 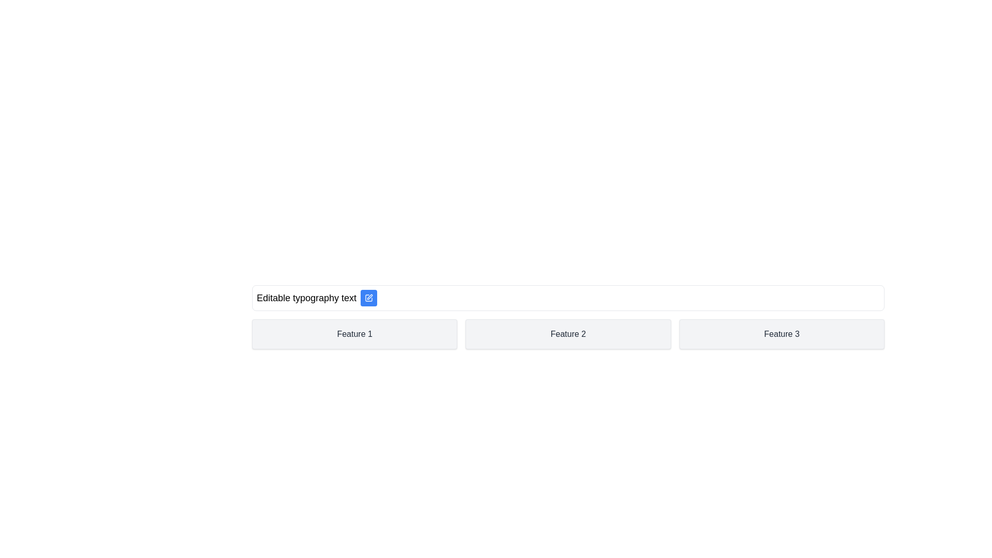 What do you see at coordinates (369, 298) in the screenshot?
I see `the rounded square icon with a pen symbol inside, which has a blue background and is located` at bounding box center [369, 298].